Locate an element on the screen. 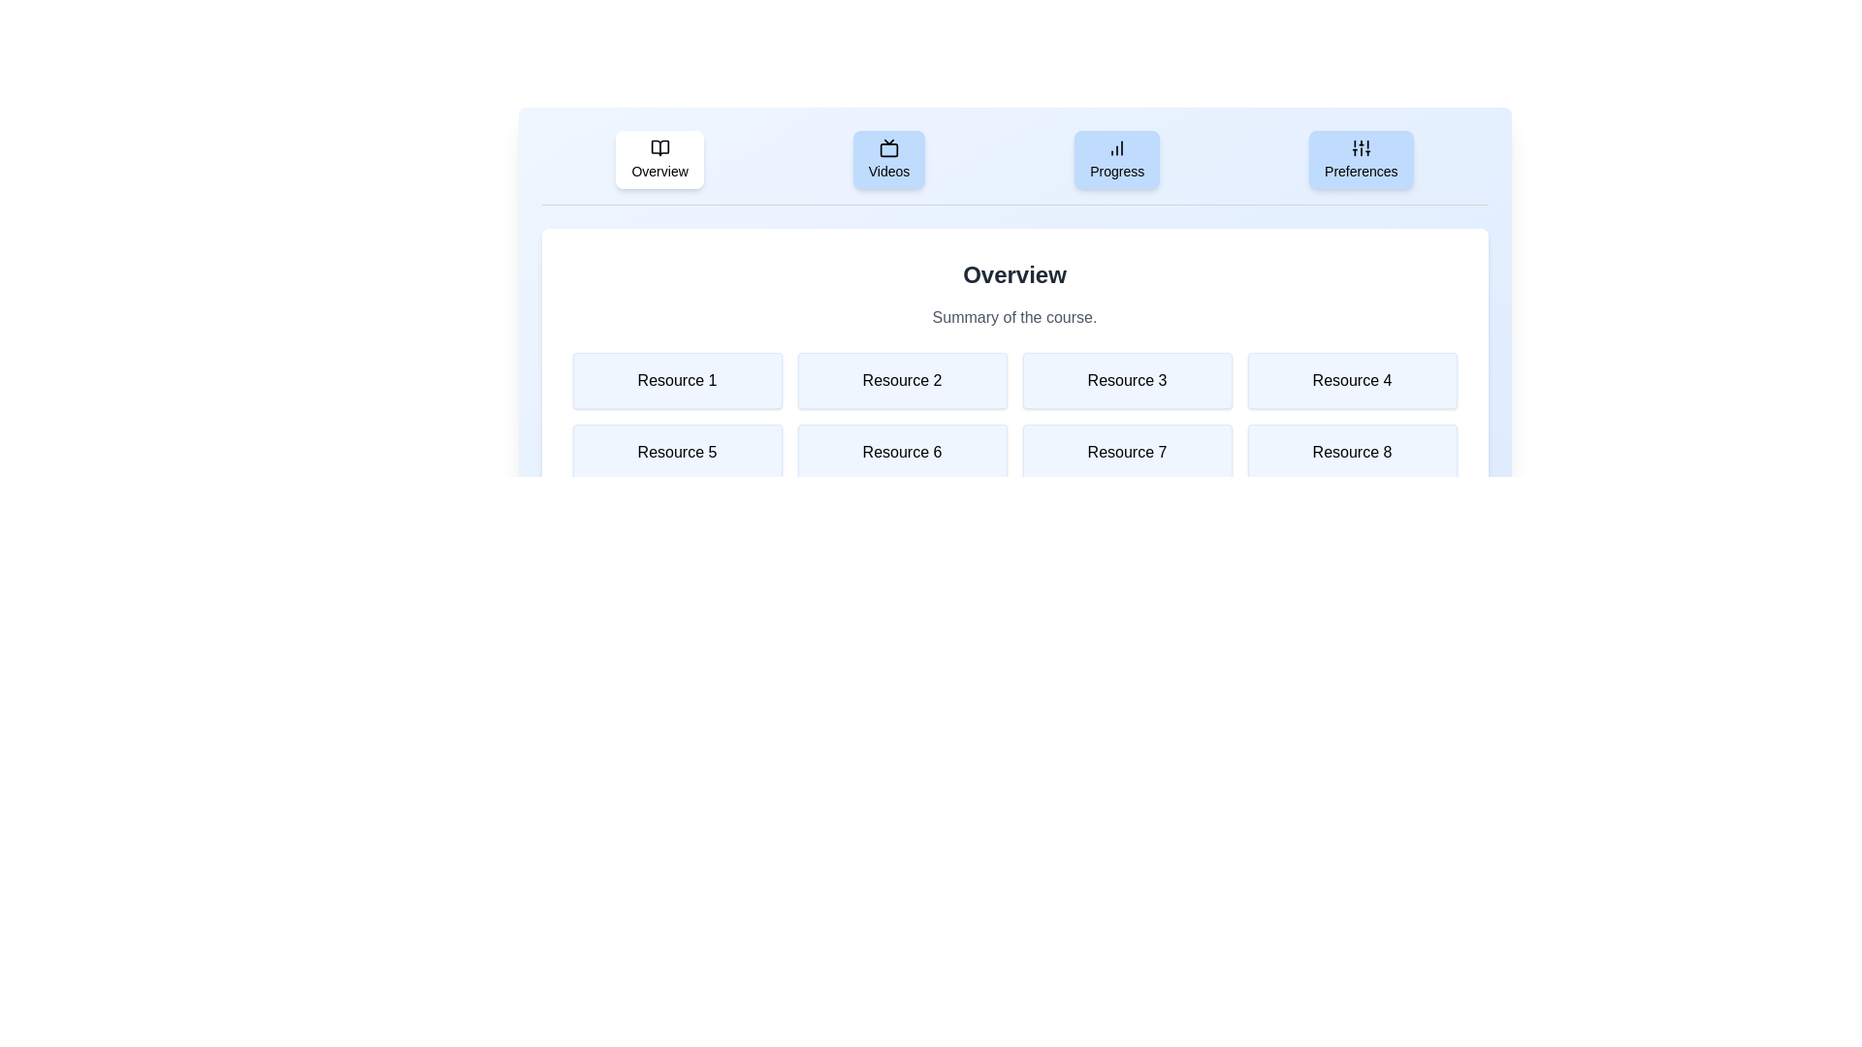 This screenshot has height=1047, width=1862. the Preferences tab to read its content is located at coordinates (1360, 159).